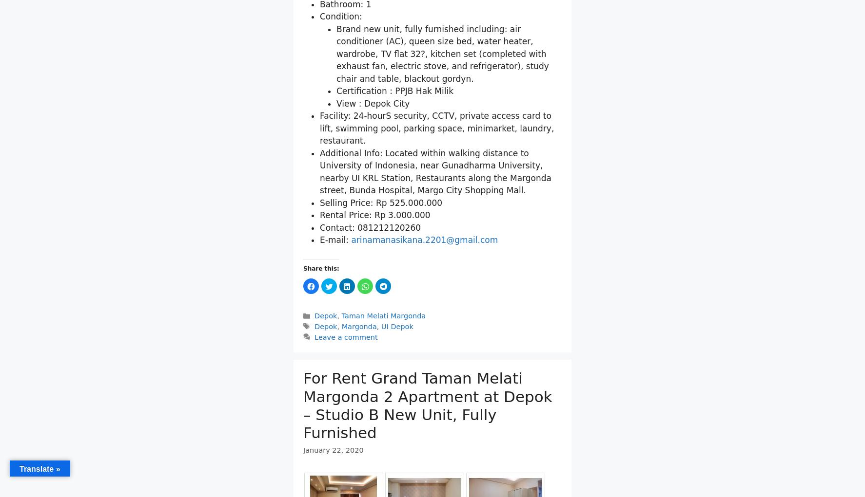 This screenshot has width=865, height=497. What do you see at coordinates (335, 239) in the screenshot?
I see `'E-mail:'` at bounding box center [335, 239].